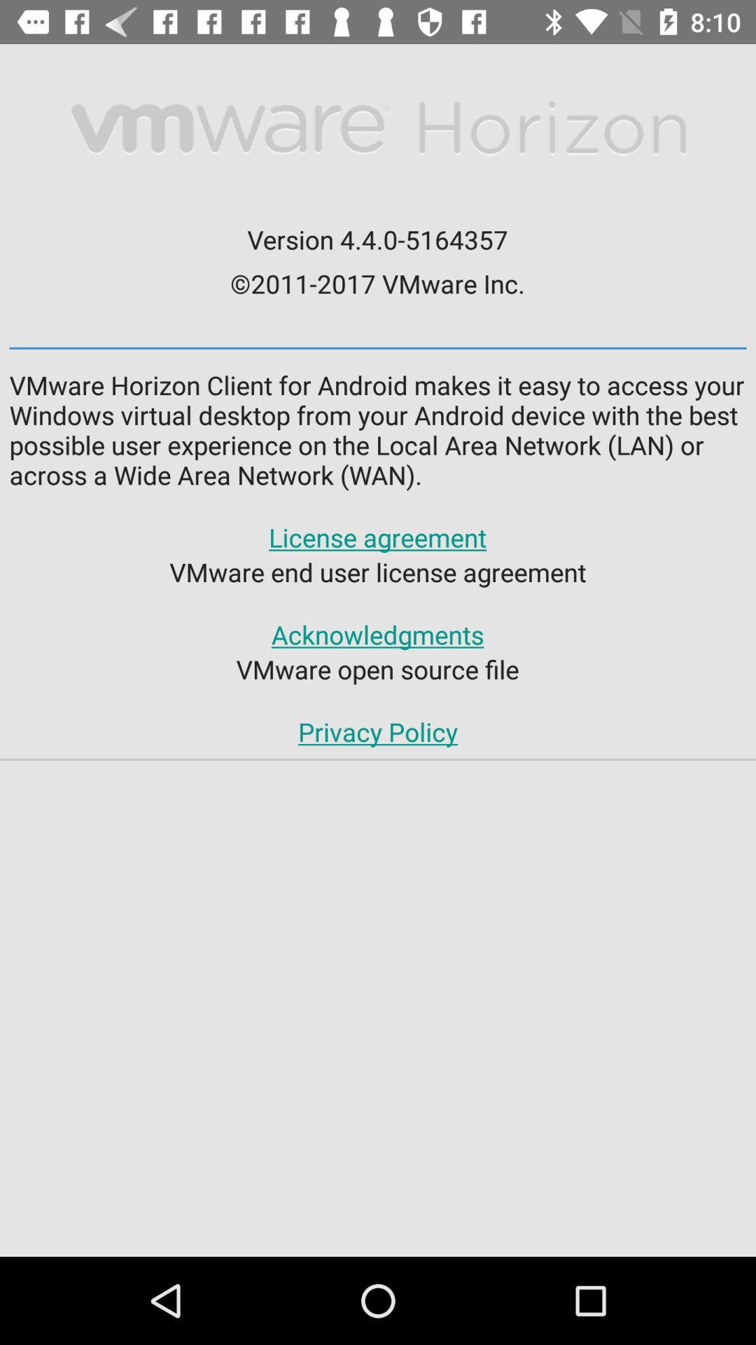 Image resolution: width=756 pixels, height=1345 pixels. Describe the element at coordinates (377, 668) in the screenshot. I see `the item below acknowledgments` at that location.